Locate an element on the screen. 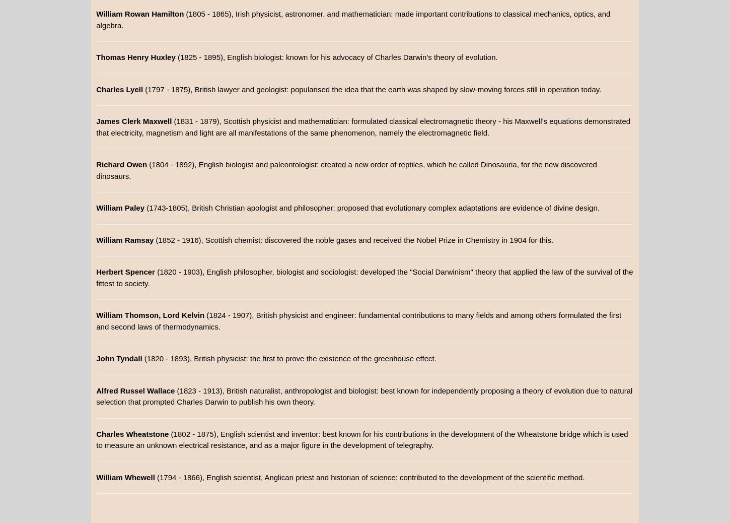  'Alfred Russel Wallace' is located at coordinates (135, 389).